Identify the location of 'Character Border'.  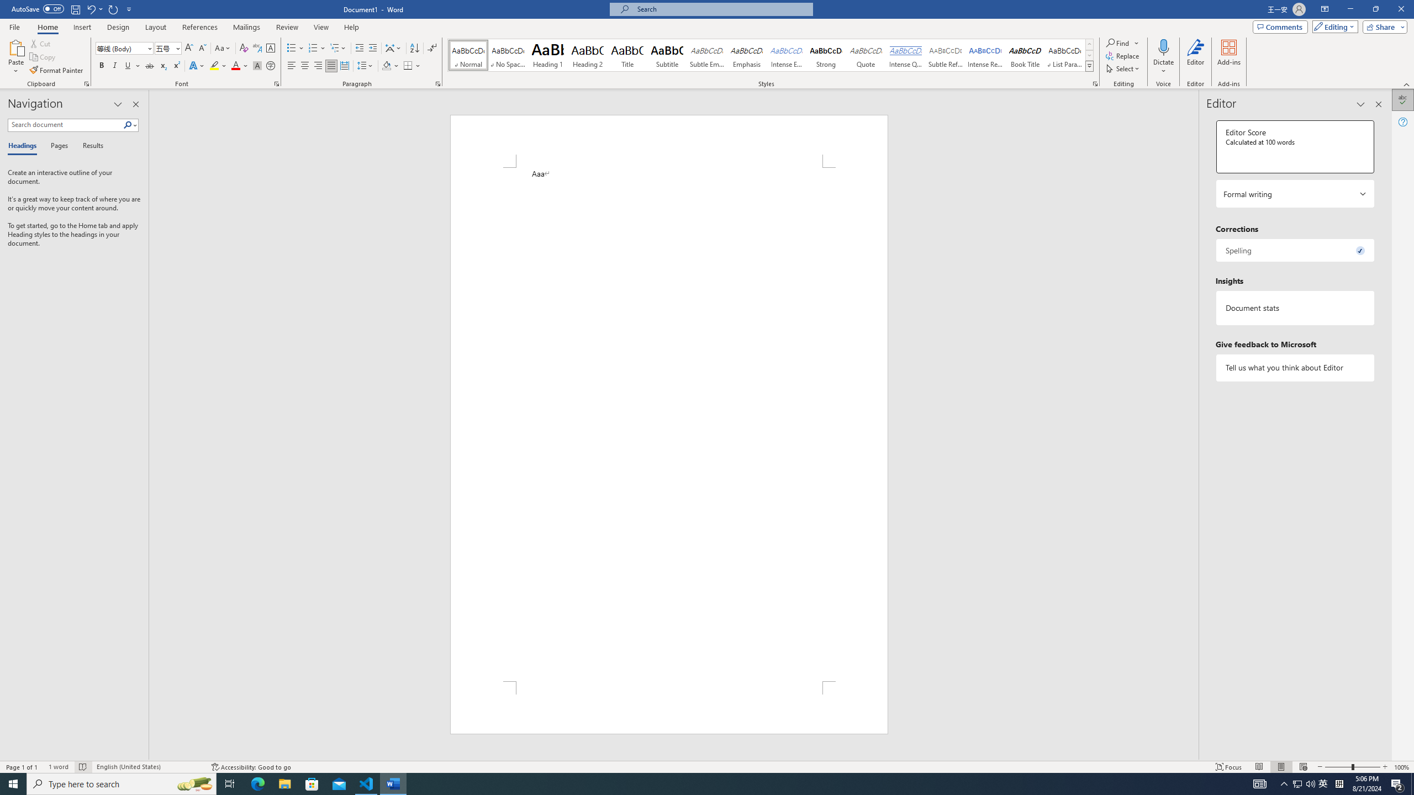
(270, 48).